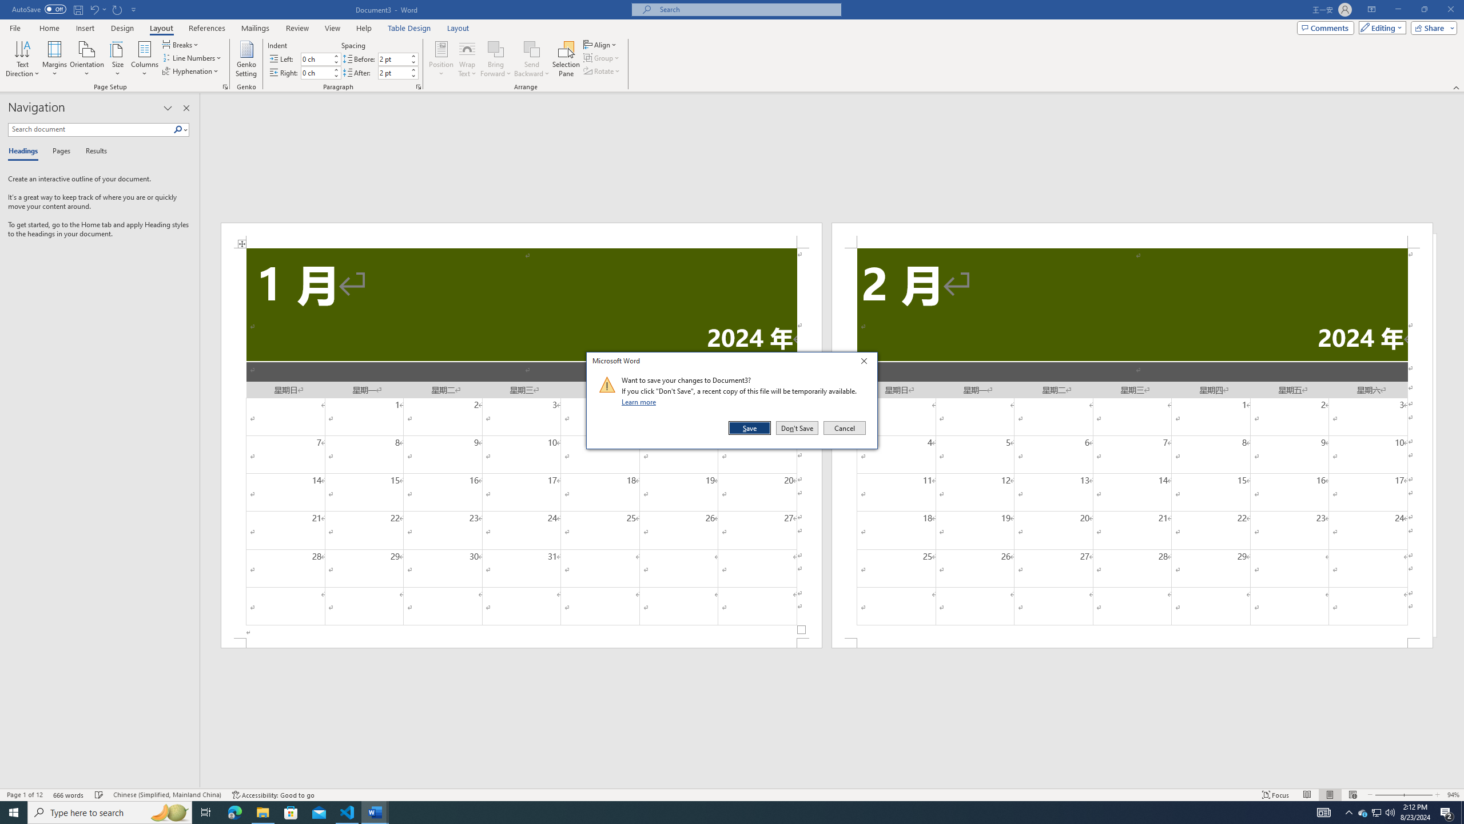 This screenshot has height=824, width=1464. Describe the element at coordinates (466, 59) in the screenshot. I see `'Wrap Text'` at that location.